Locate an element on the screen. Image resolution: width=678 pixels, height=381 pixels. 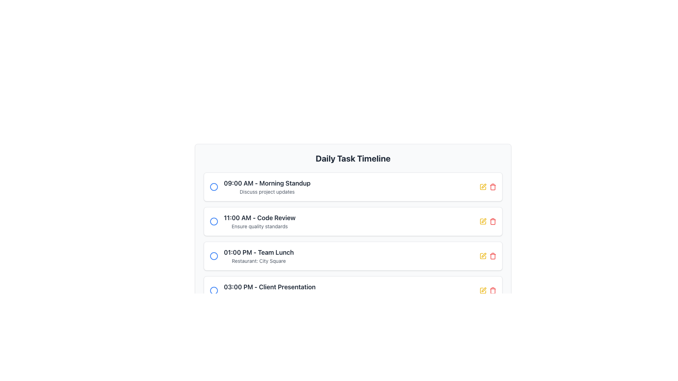
the circular checkbox icon associated with the task '11:00 AM - Code Review' is located at coordinates (213, 221).